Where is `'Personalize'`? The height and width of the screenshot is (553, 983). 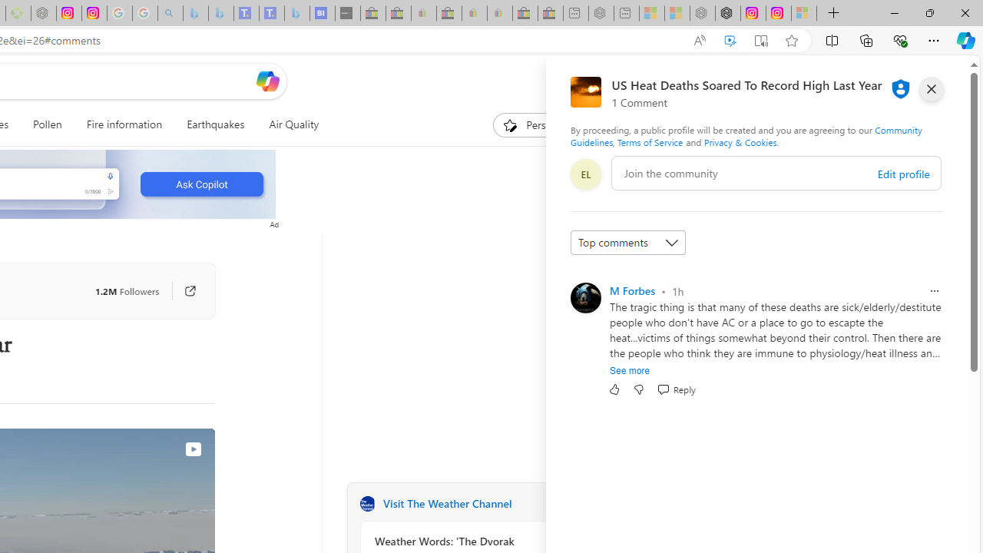 'Personalize' is located at coordinates (541, 124).